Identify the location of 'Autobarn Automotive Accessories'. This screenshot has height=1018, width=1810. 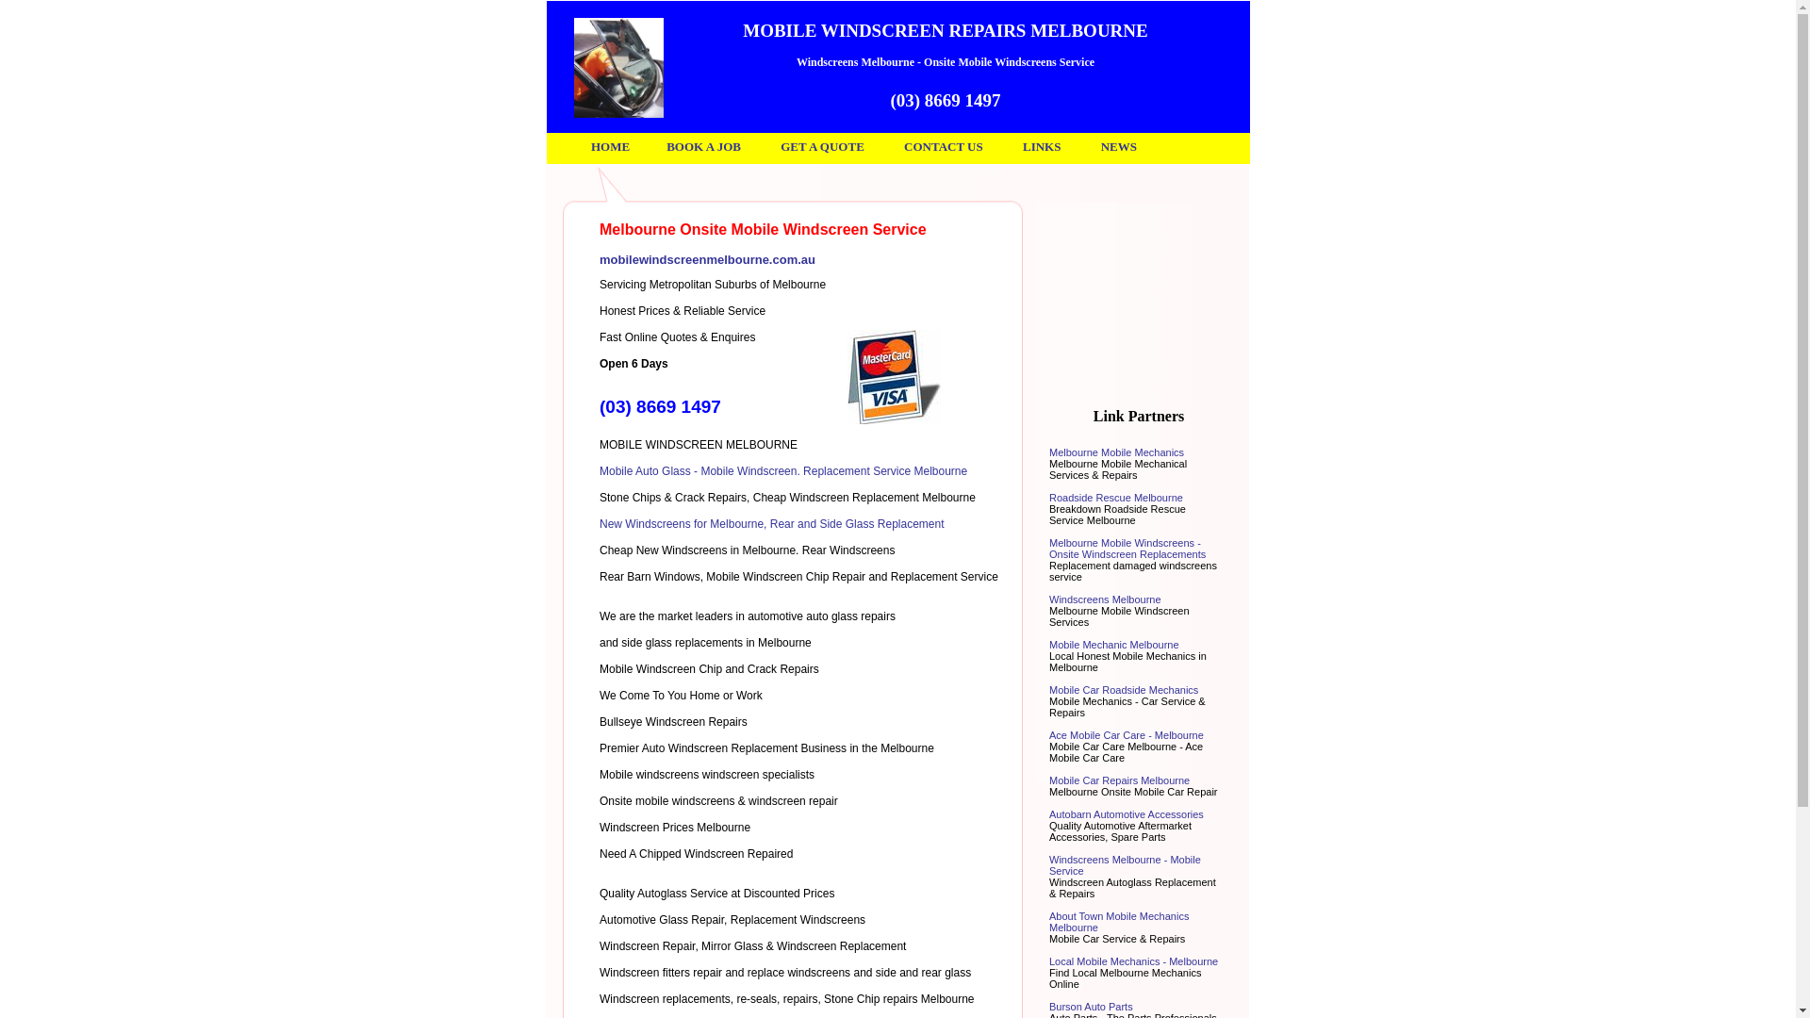
(1048, 813).